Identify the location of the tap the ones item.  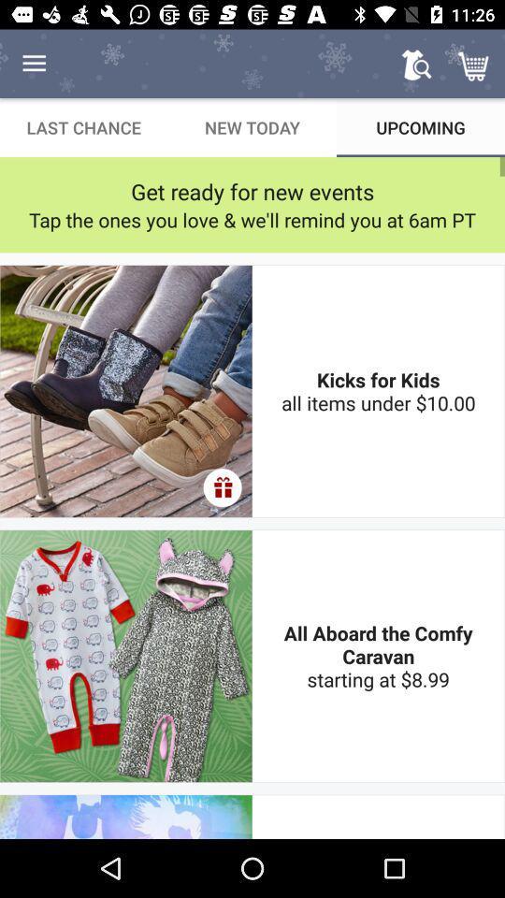
(252, 220).